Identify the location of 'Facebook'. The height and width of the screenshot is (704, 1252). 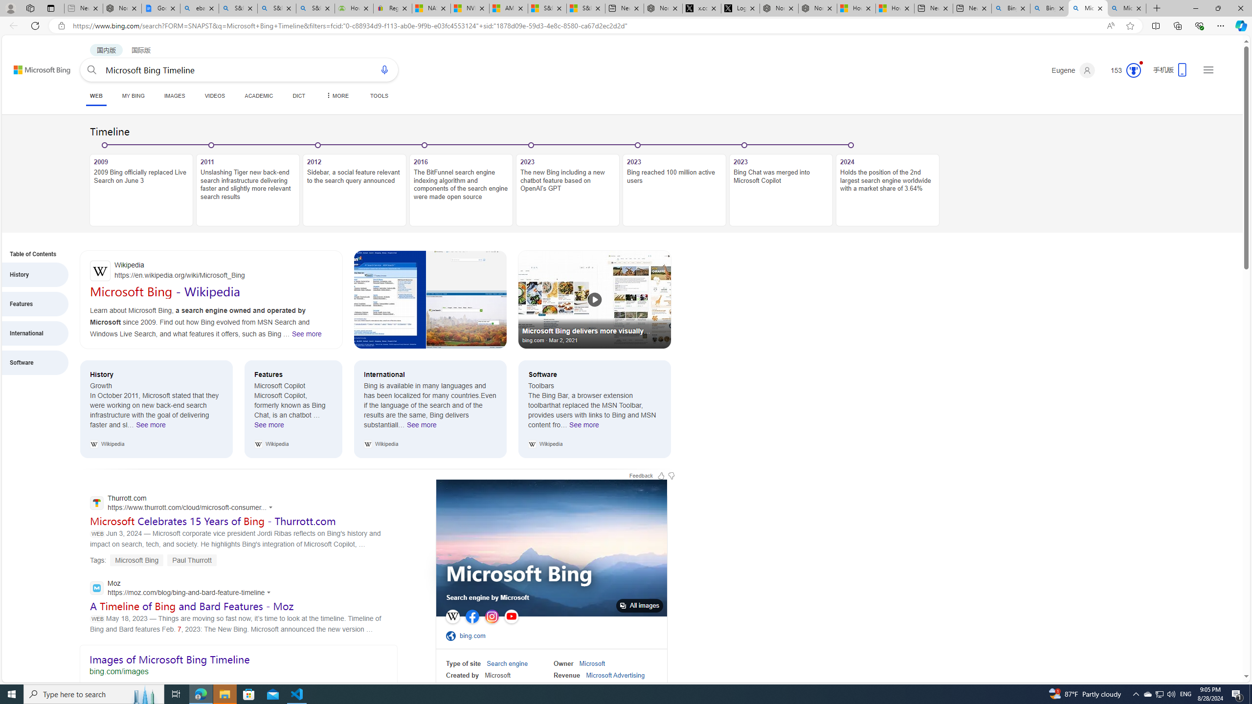
(472, 616).